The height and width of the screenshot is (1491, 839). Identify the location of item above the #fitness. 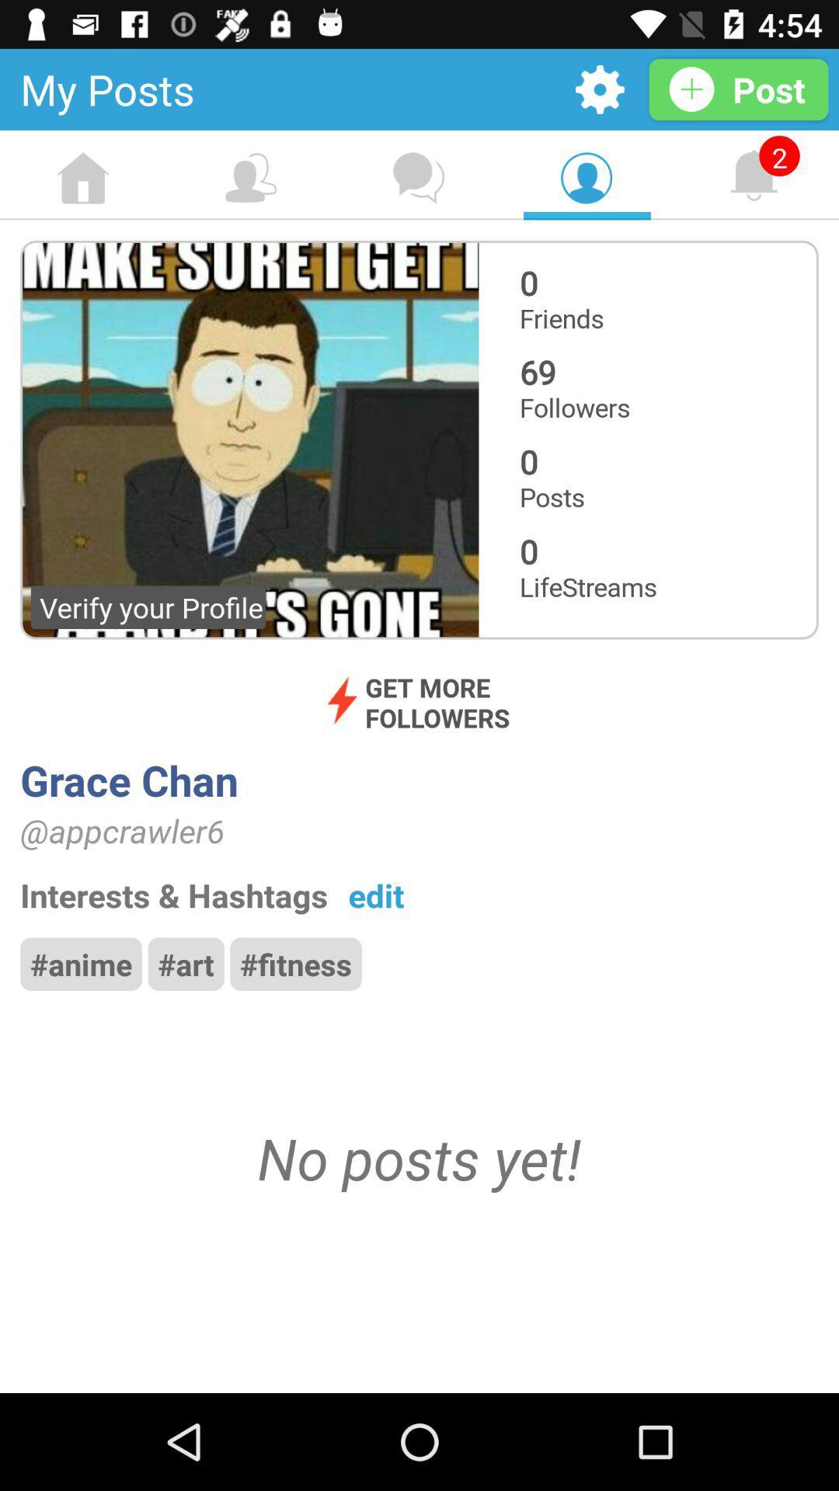
(376, 895).